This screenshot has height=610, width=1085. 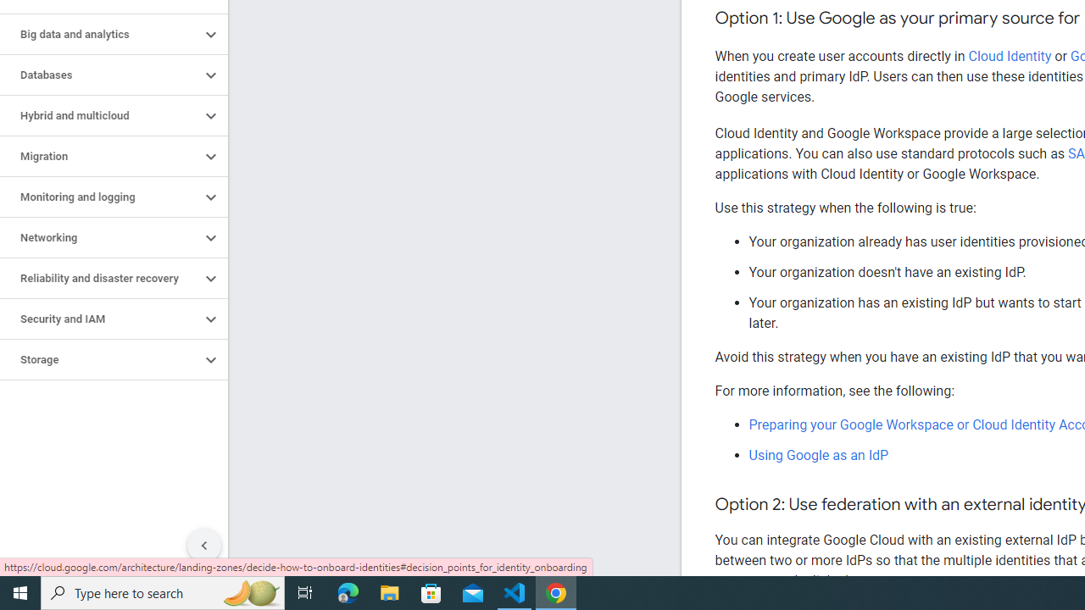 I want to click on 'Hybrid and multicloud', so click(x=99, y=115).